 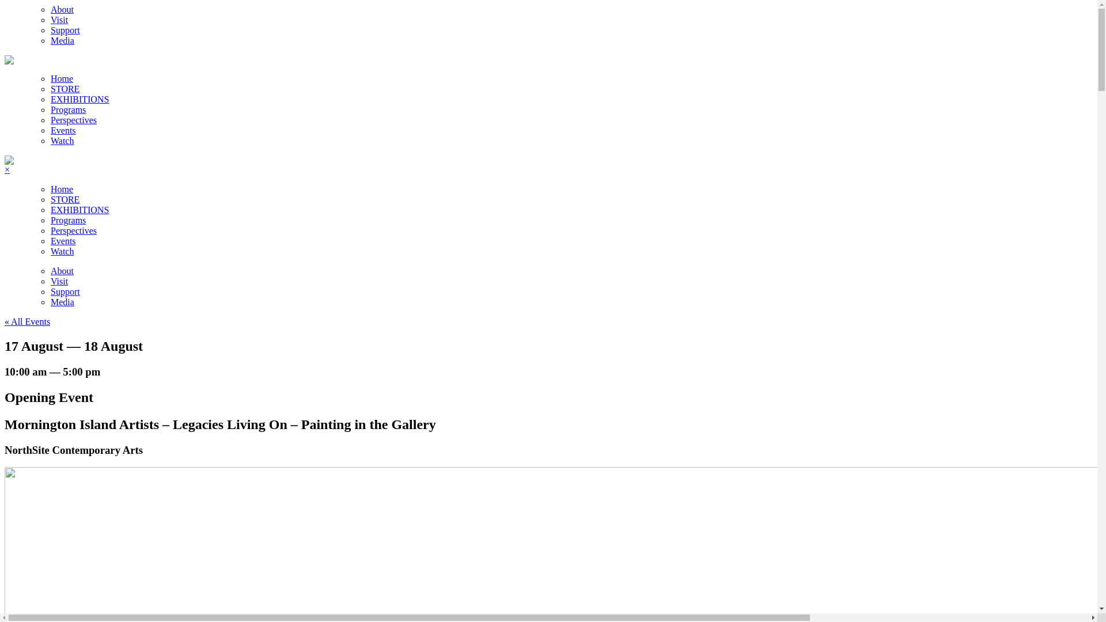 What do you see at coordinates (65, 88) in the screenshot?
I see `'STORE'` at bounding box center [65, 88].